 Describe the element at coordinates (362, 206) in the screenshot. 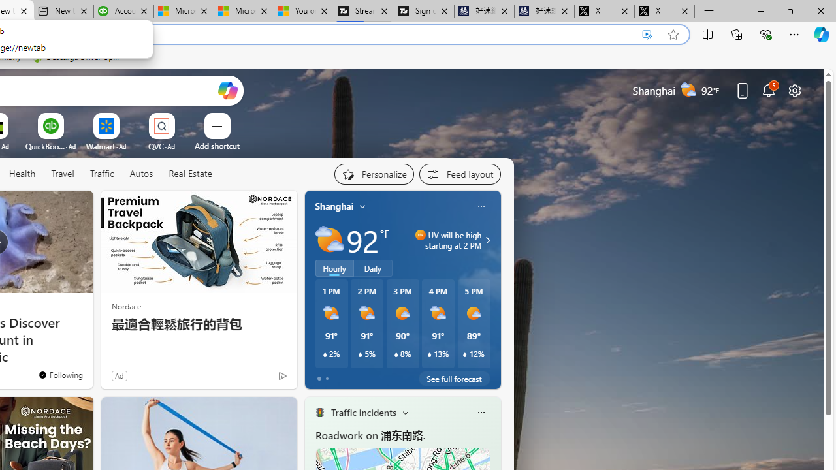

I see `'My location'` at that location.